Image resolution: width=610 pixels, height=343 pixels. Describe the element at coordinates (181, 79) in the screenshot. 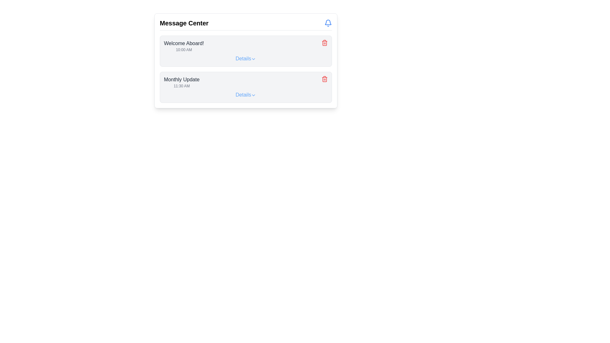

I see `text label displaying 'Monthly Update', which is positioned in the Message Center section, above the timestamp '11:30 AM'` at that location.